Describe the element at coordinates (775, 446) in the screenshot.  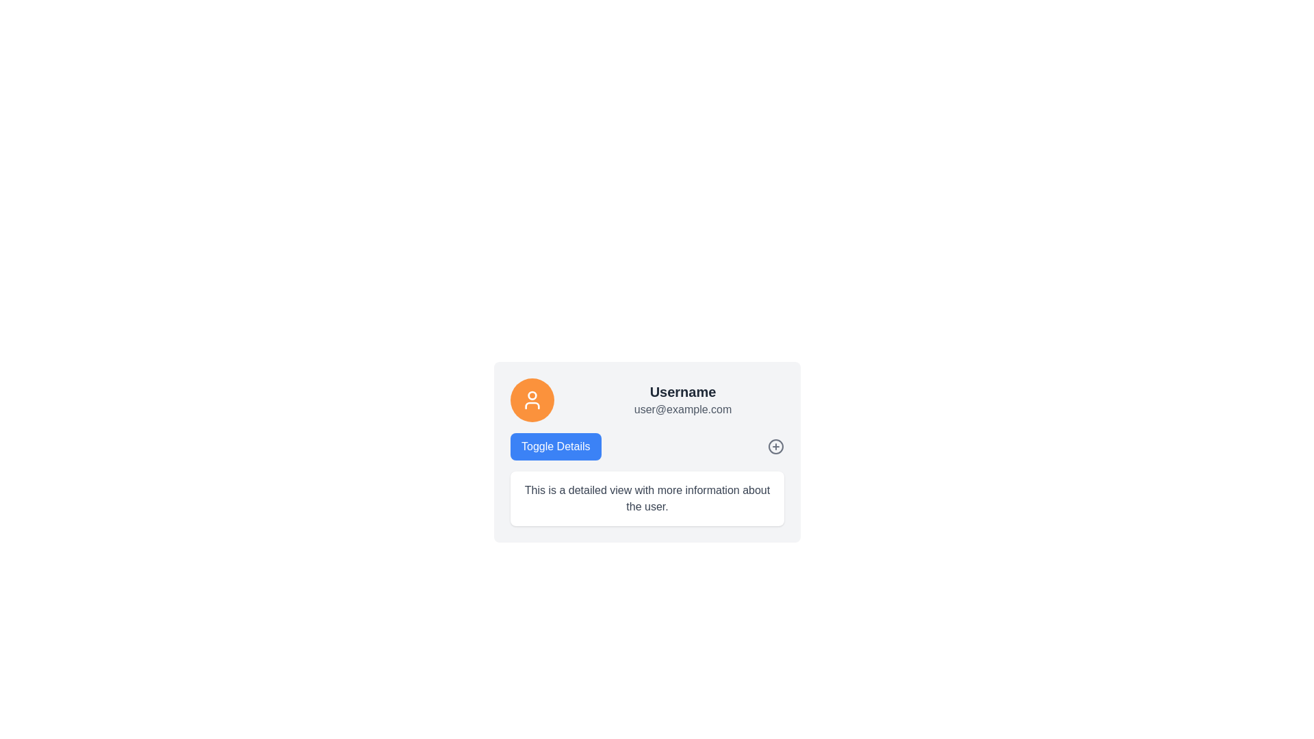
I see `the icon button positioned to the right of the 'Toggle Details' button` at that location.